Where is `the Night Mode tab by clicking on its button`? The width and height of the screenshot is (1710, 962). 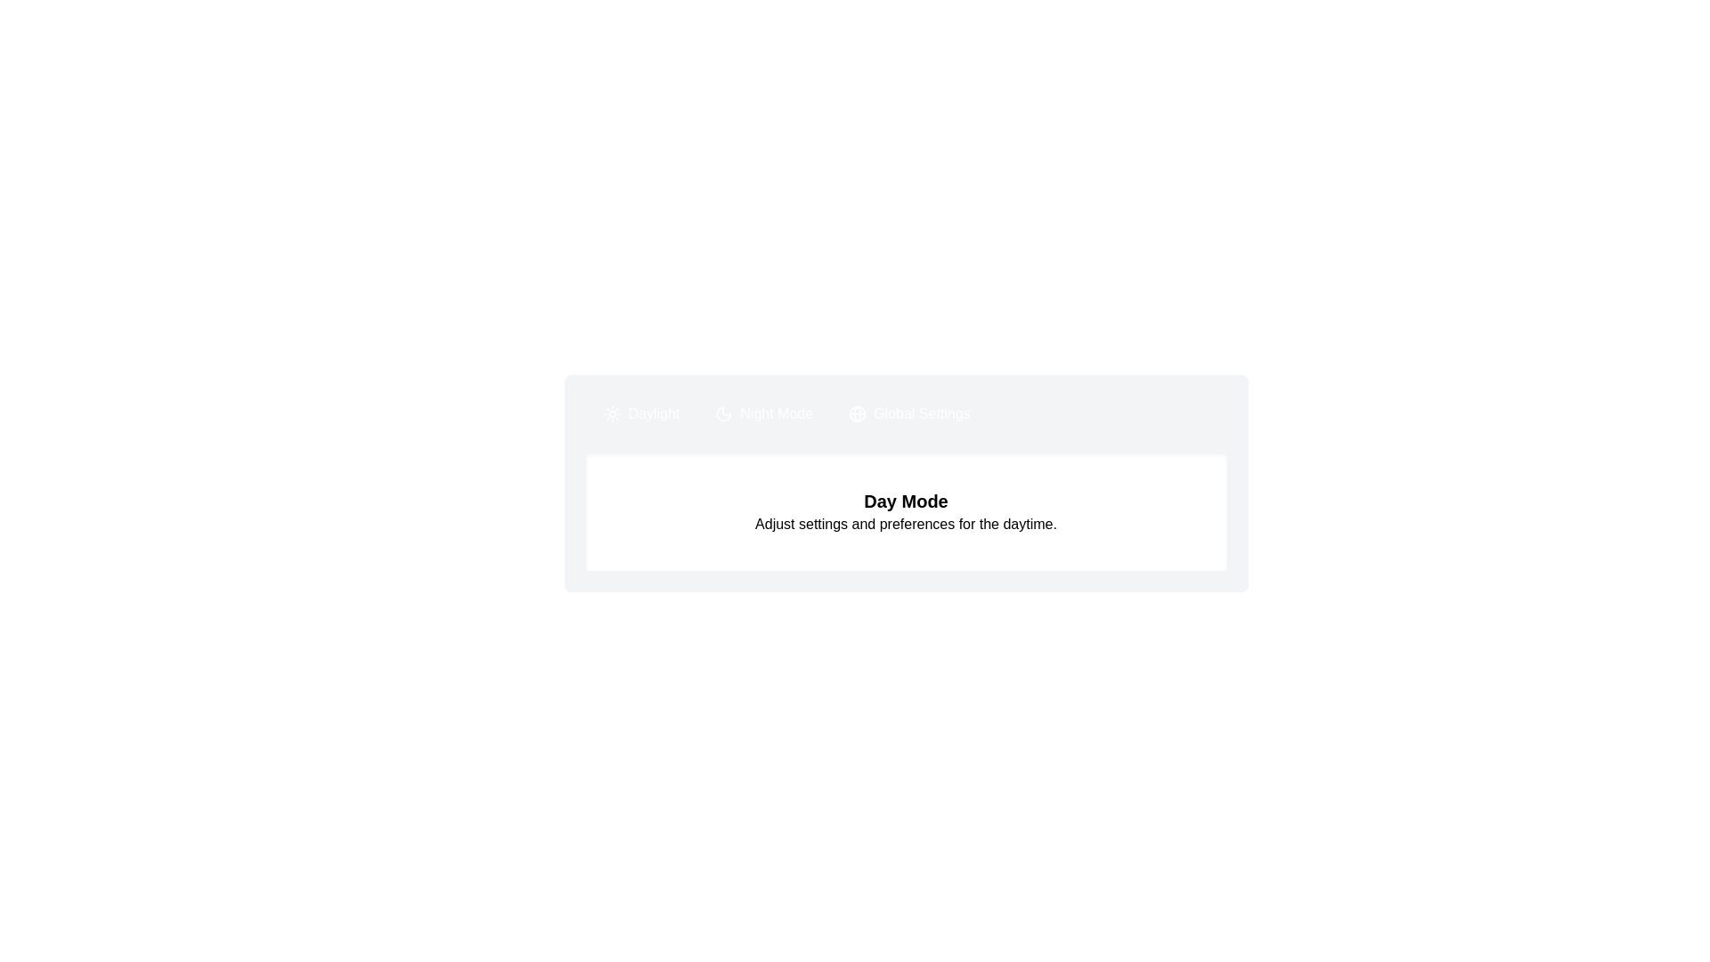
the Night Mode tab by clicking on its button is located at coordinates (764, 414).